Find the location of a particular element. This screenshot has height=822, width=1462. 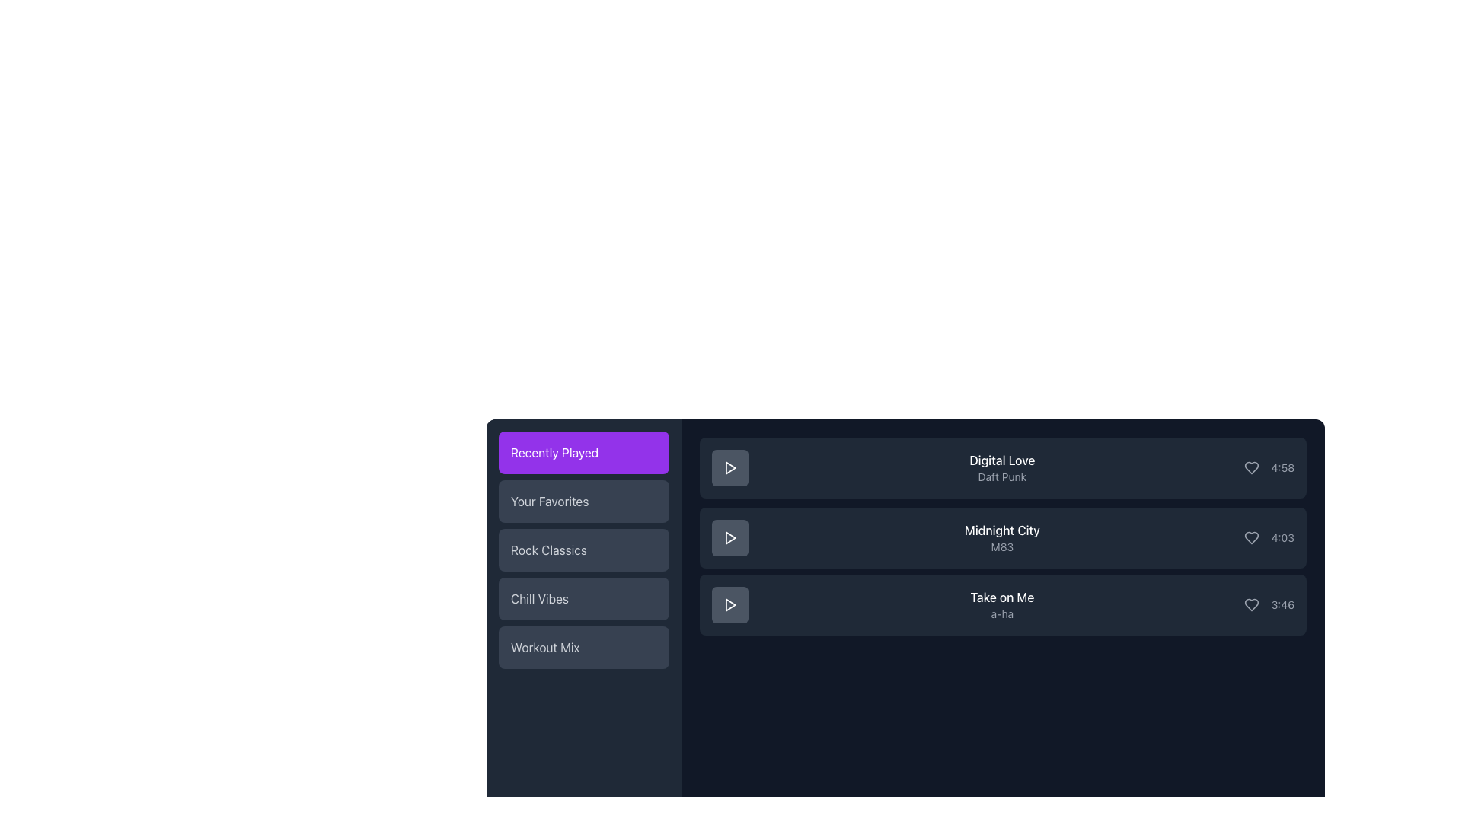

the text display for the track information that reads 'Take on Me' by a-ha, which is the third item under 'Recently Played' is located at coordinates (1002, 604).